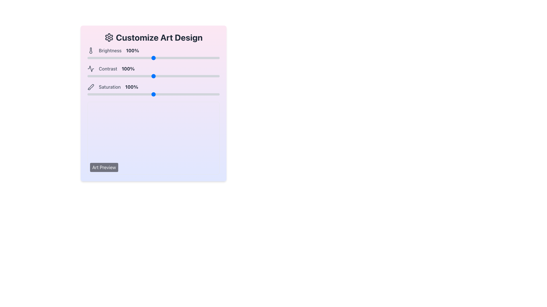 This screenshot has width=547, height=307. Describe the element at coordinates (90, 50) in the screenshot. I see `the thermometer icon, which is styled with a circular base and vertical stick design, positioned to the far left of the 'Brightness' label in the settings panel` at that location.